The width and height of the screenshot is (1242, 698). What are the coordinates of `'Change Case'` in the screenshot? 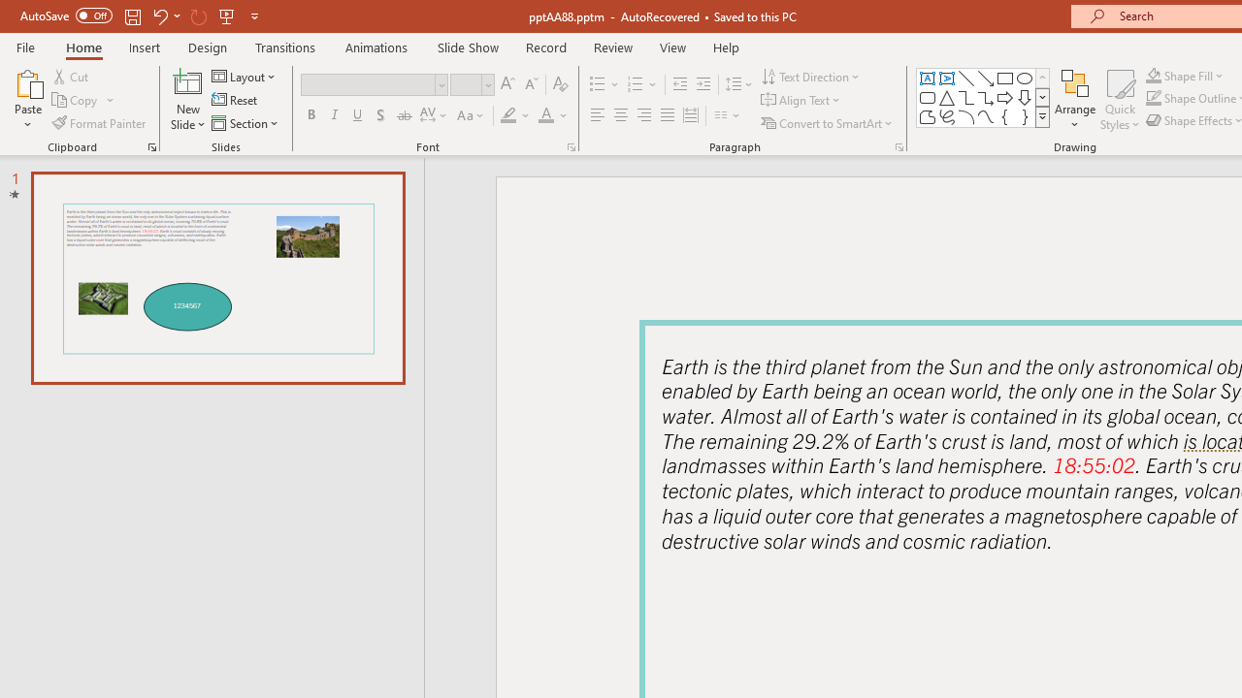 It's located at (472, 115).